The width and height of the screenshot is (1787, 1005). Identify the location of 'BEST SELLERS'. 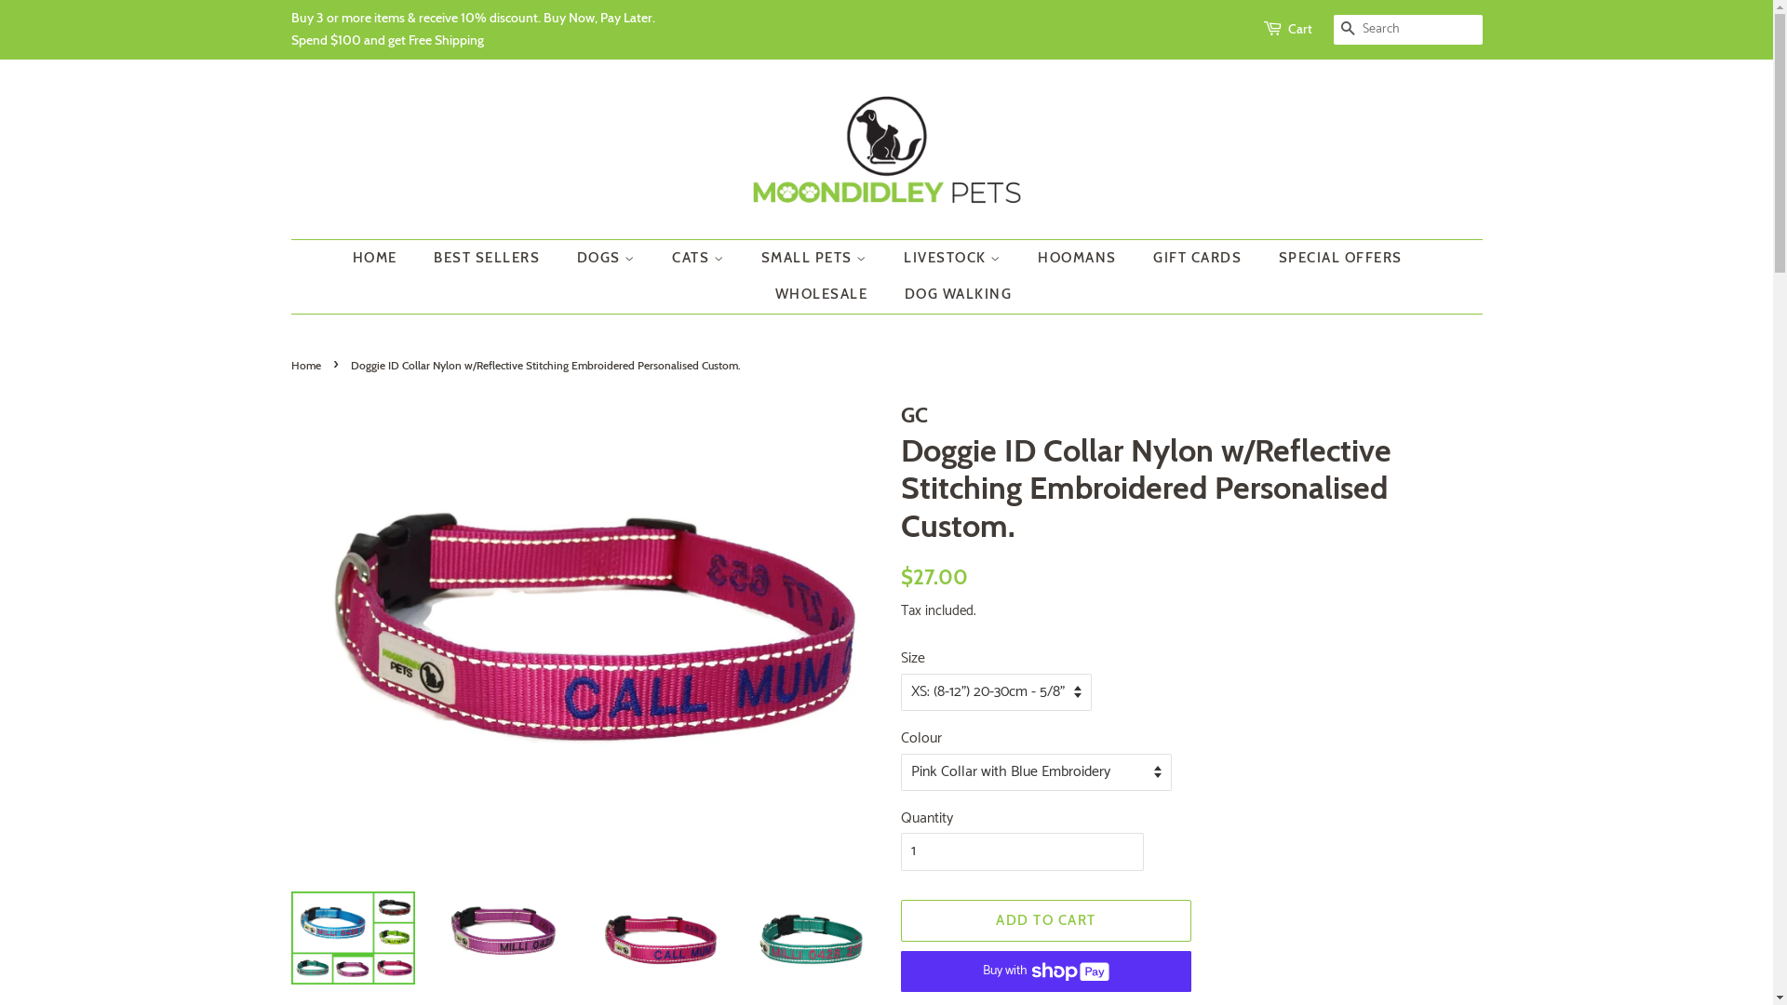
(489, 258).